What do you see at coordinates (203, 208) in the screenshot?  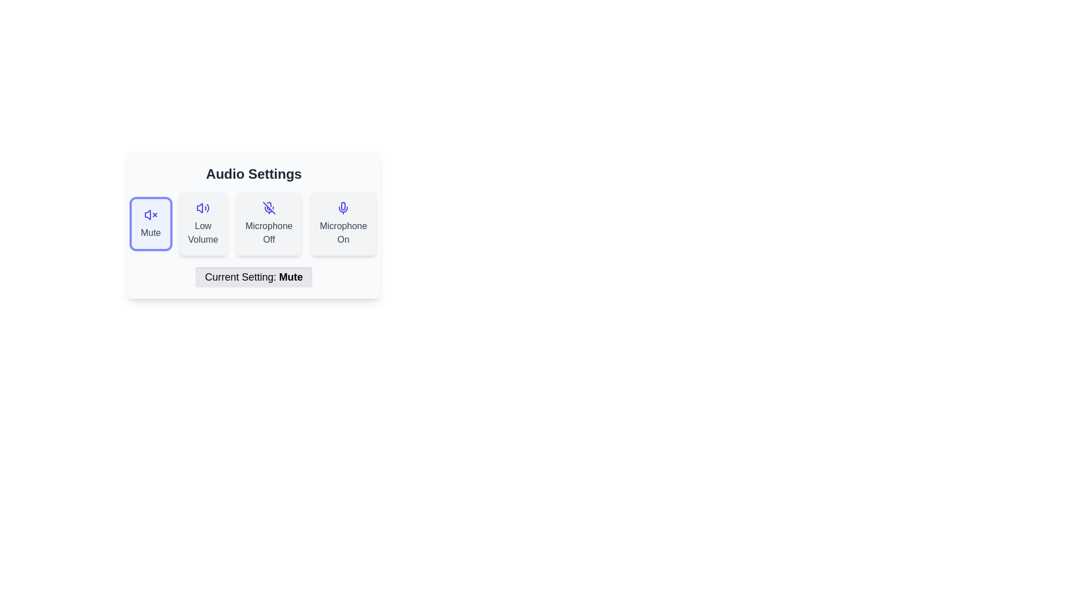 I see `the blue outline volume icon in the 'Audio Settings' section labeled 'Low Volume'` at bounding box center [203, 208].